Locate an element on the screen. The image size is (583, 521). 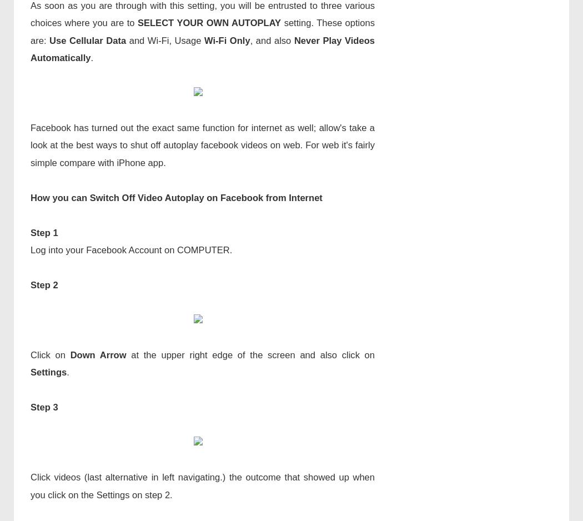
'and Wi-Fi, Usage' is located at coordinates (164, 40).